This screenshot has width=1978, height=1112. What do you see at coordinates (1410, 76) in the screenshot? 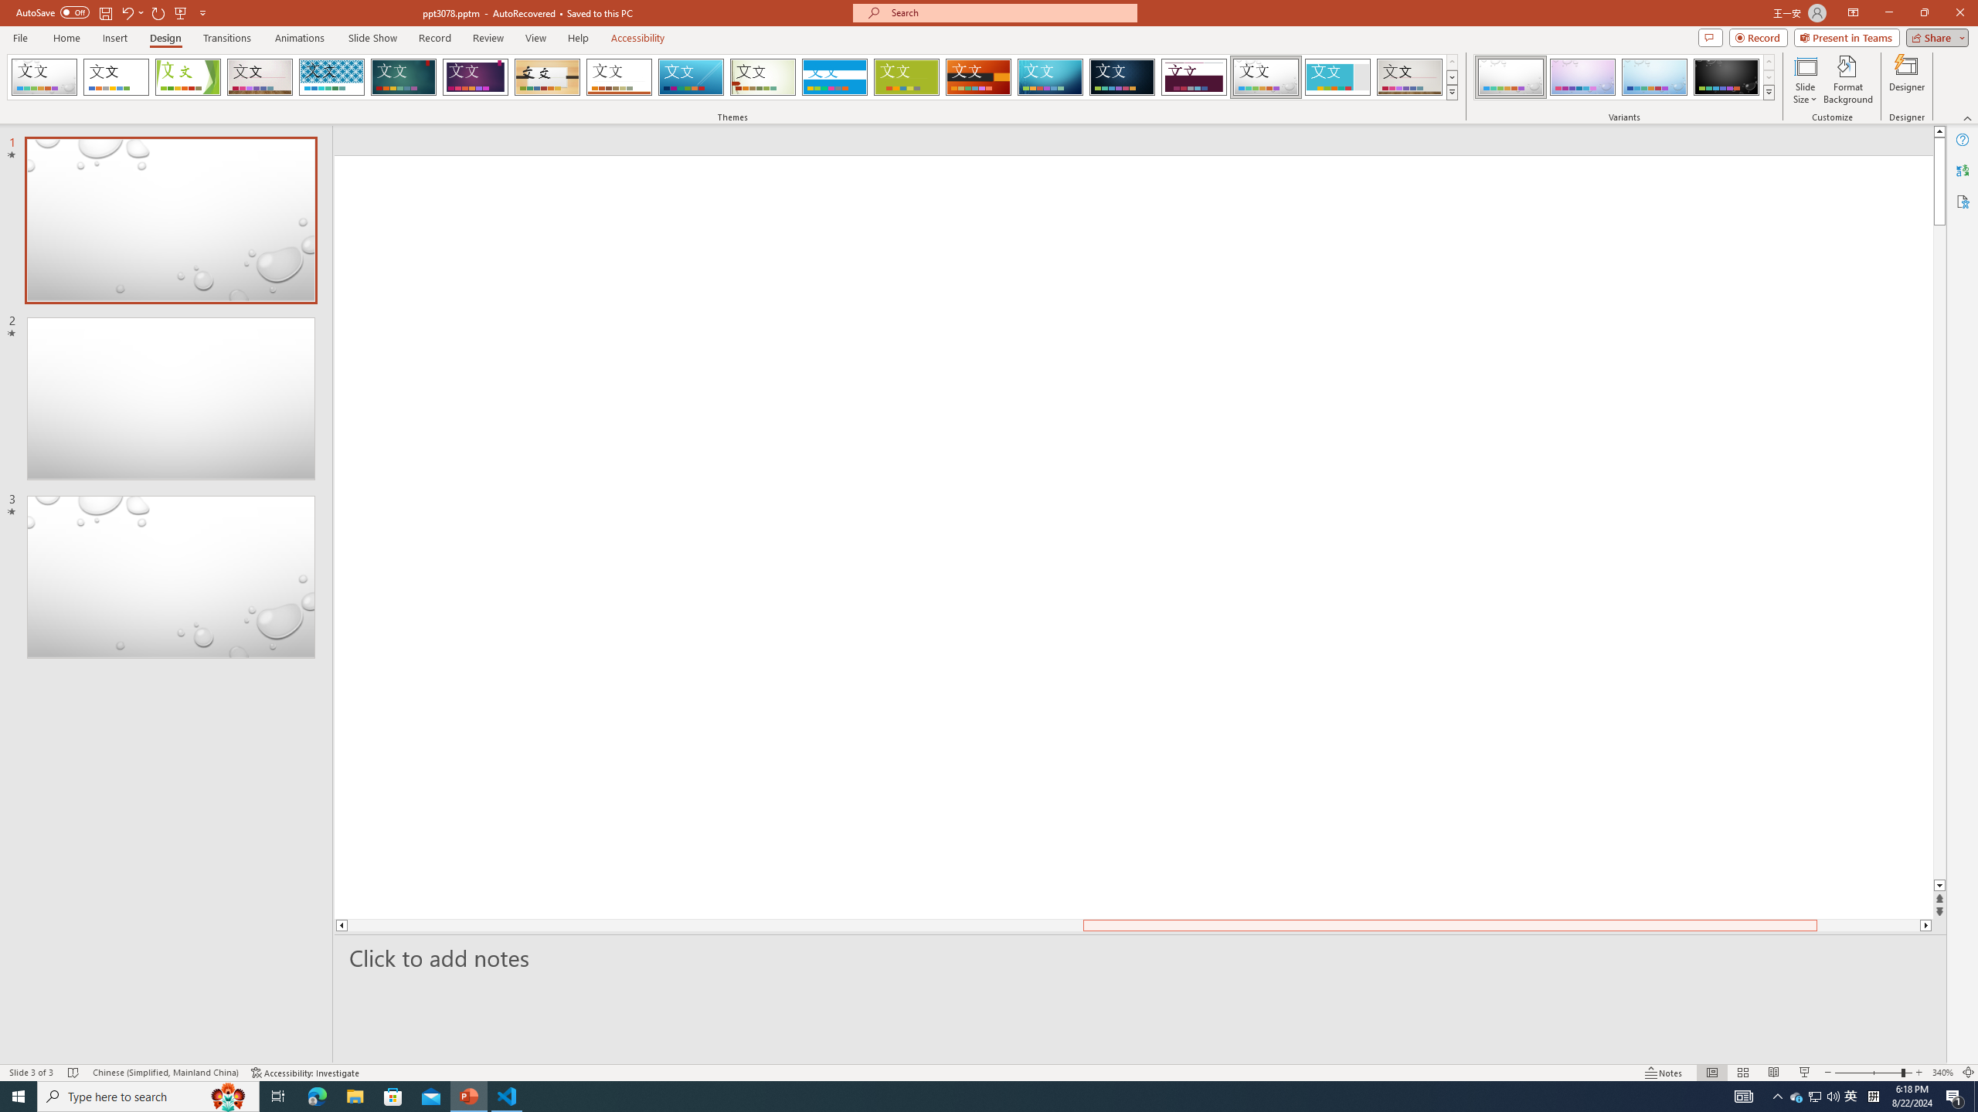
I see `'Gallery'` at bounding box center [1410, 76].